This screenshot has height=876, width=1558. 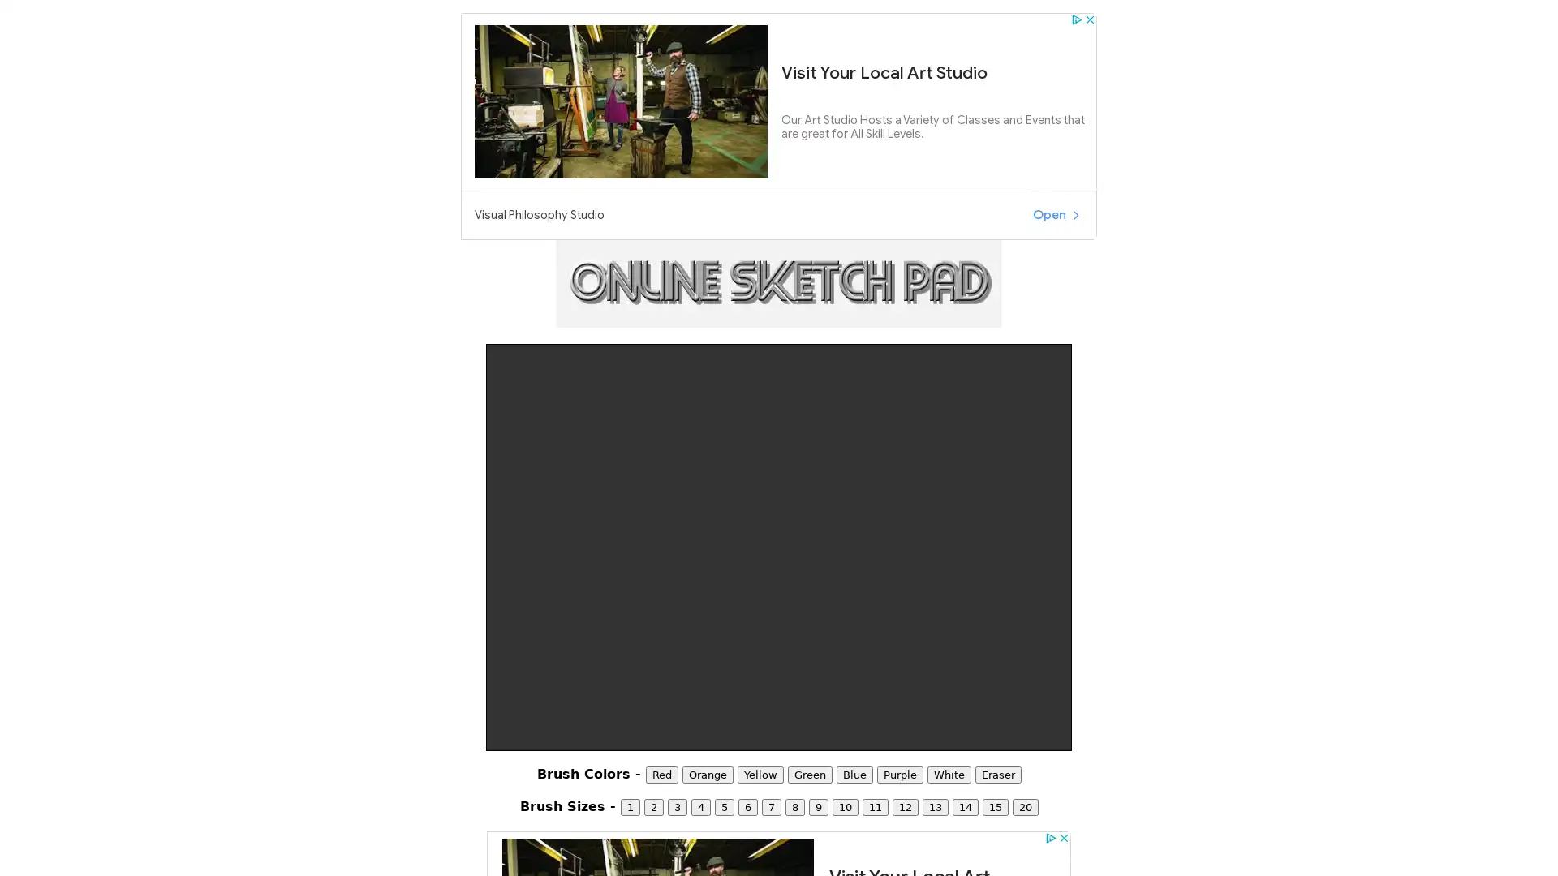 I want to click on 13, so click(x=935, y=807).